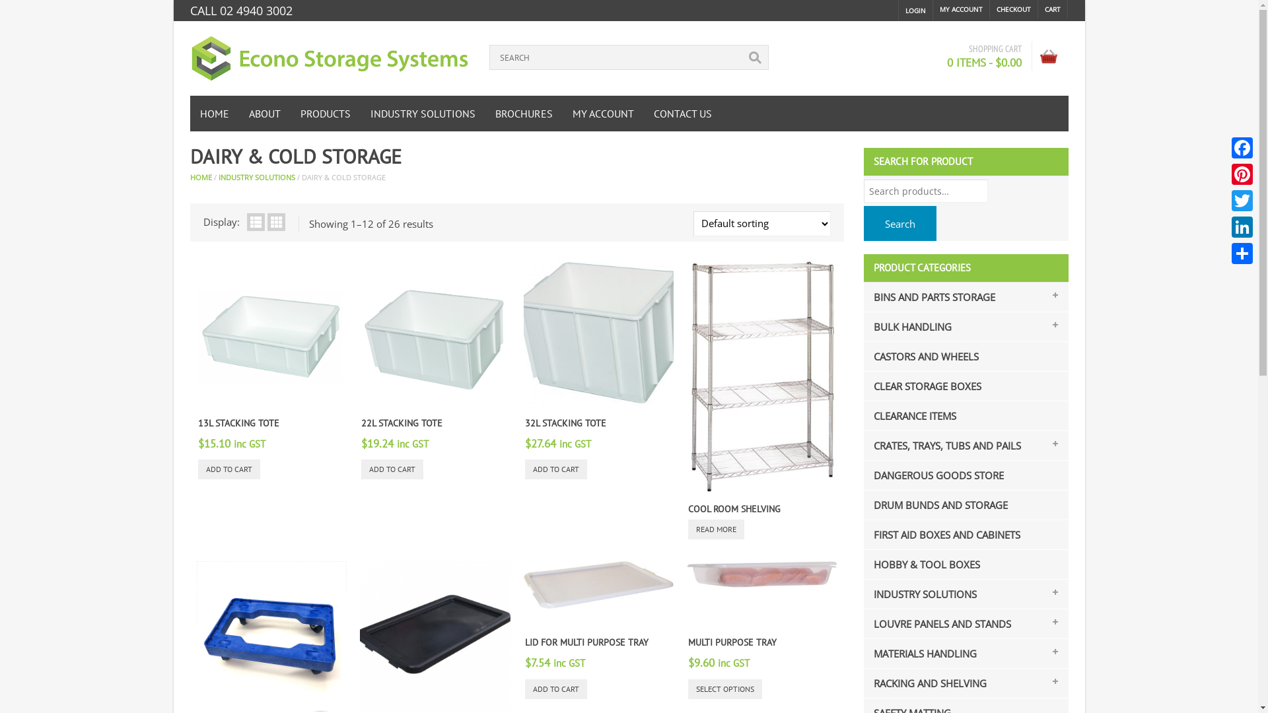 This screenshot has width=1268, height=713. I want to click on 'READ MORE', so click(715, 529).